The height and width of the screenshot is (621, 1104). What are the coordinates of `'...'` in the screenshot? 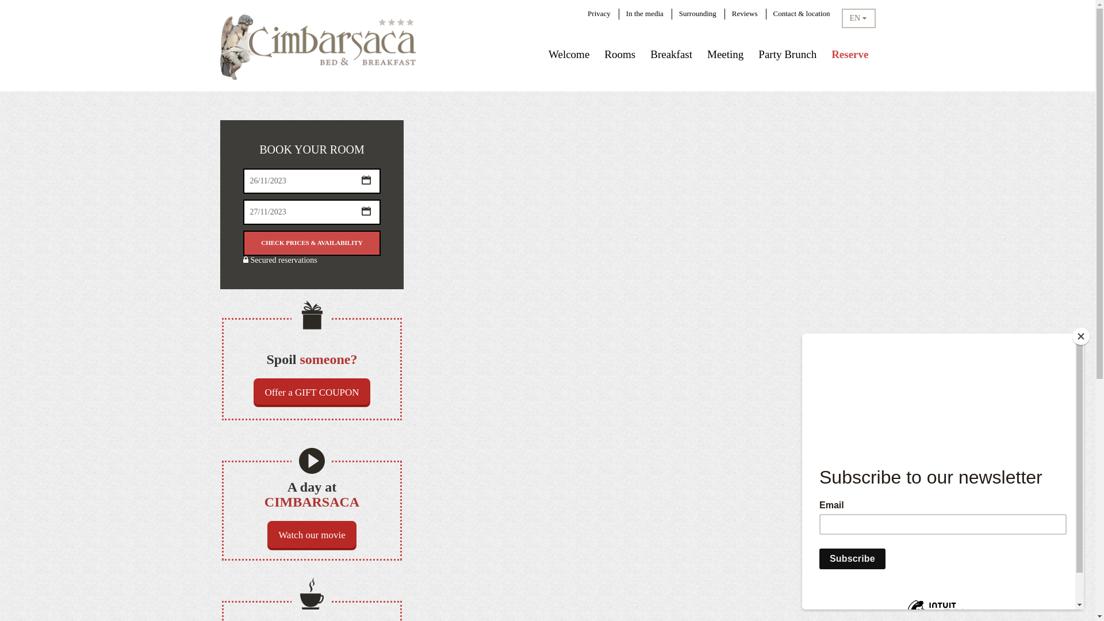 It's located at (366, 210).